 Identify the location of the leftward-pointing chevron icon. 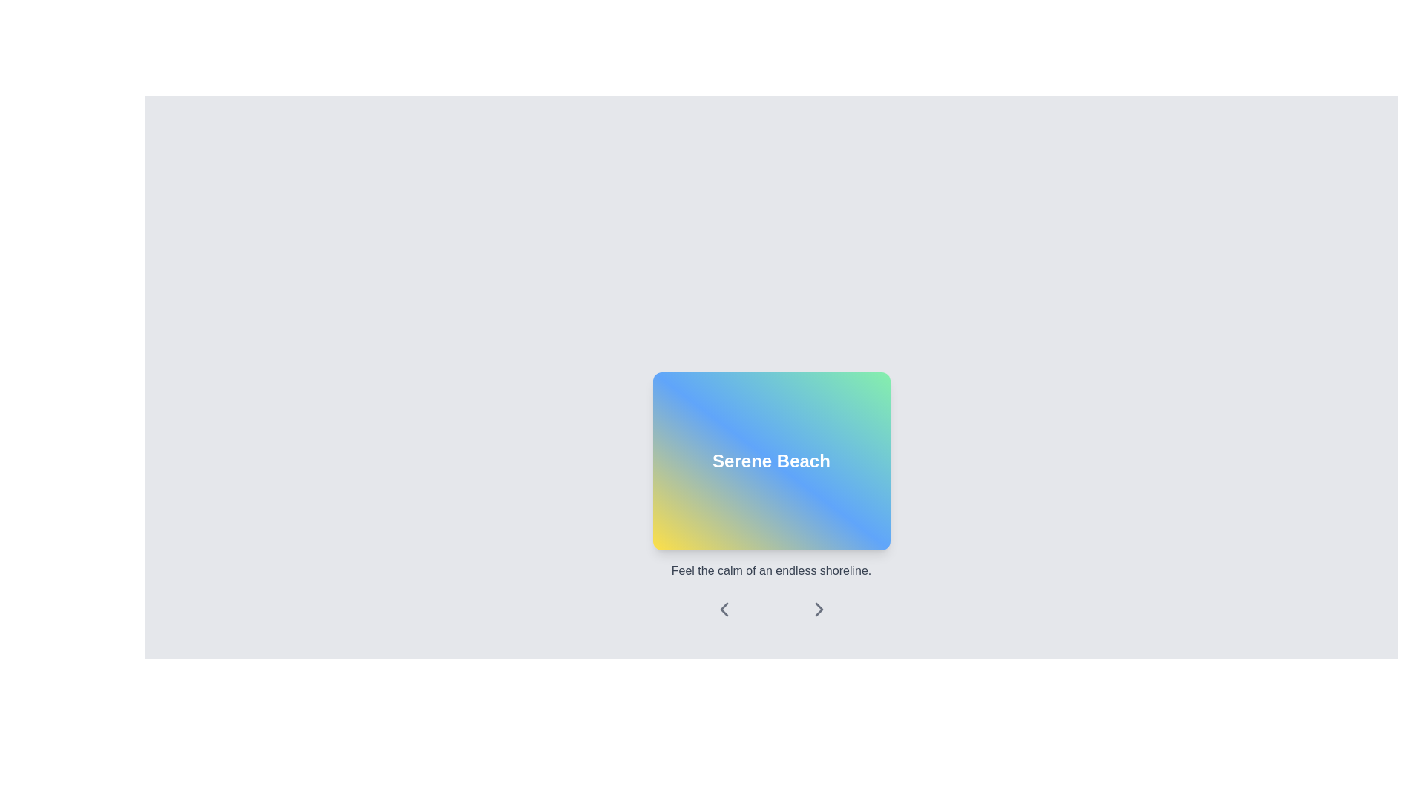
(724, 609).